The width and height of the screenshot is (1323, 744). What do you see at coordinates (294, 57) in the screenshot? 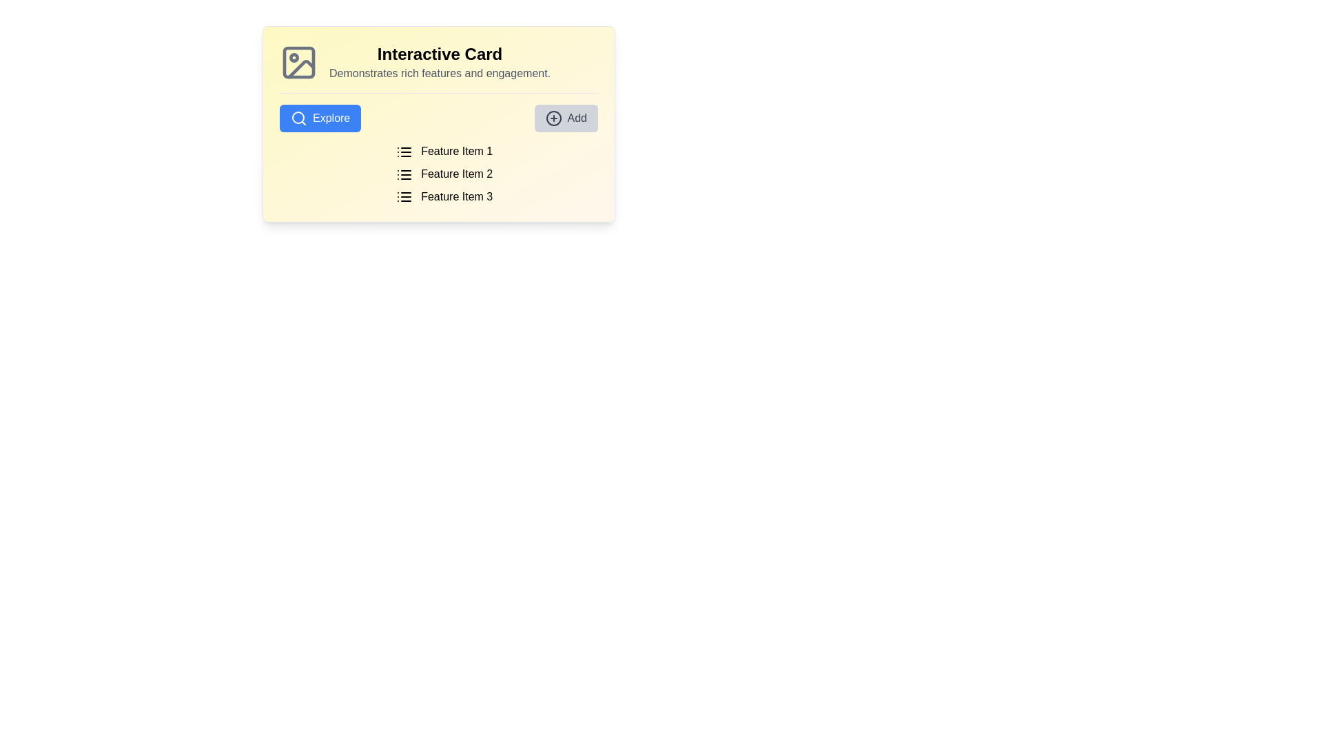
I see `the small circular dot within the SVG icon that depicts an image, located at the top-left corner of the card labeled 'Interactive Card'` at bounding box center [294, 57].